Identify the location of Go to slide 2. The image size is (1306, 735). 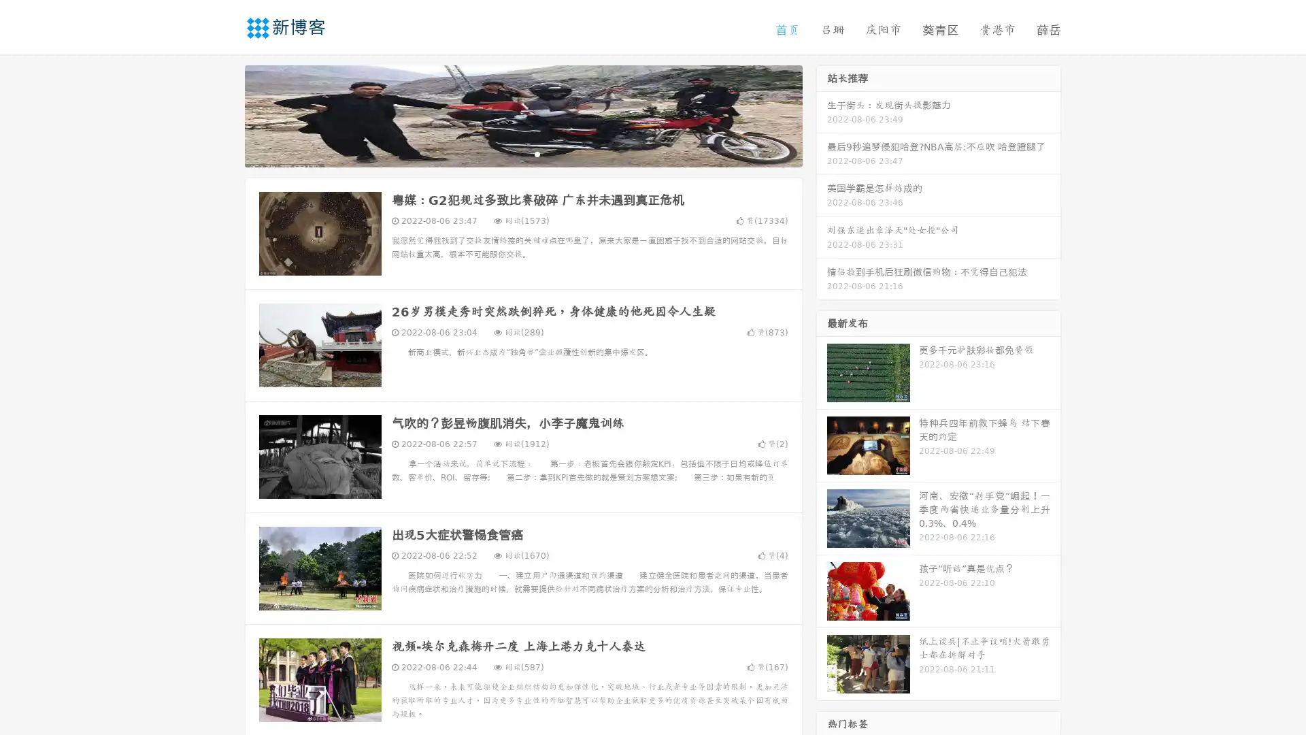
(522, 153).